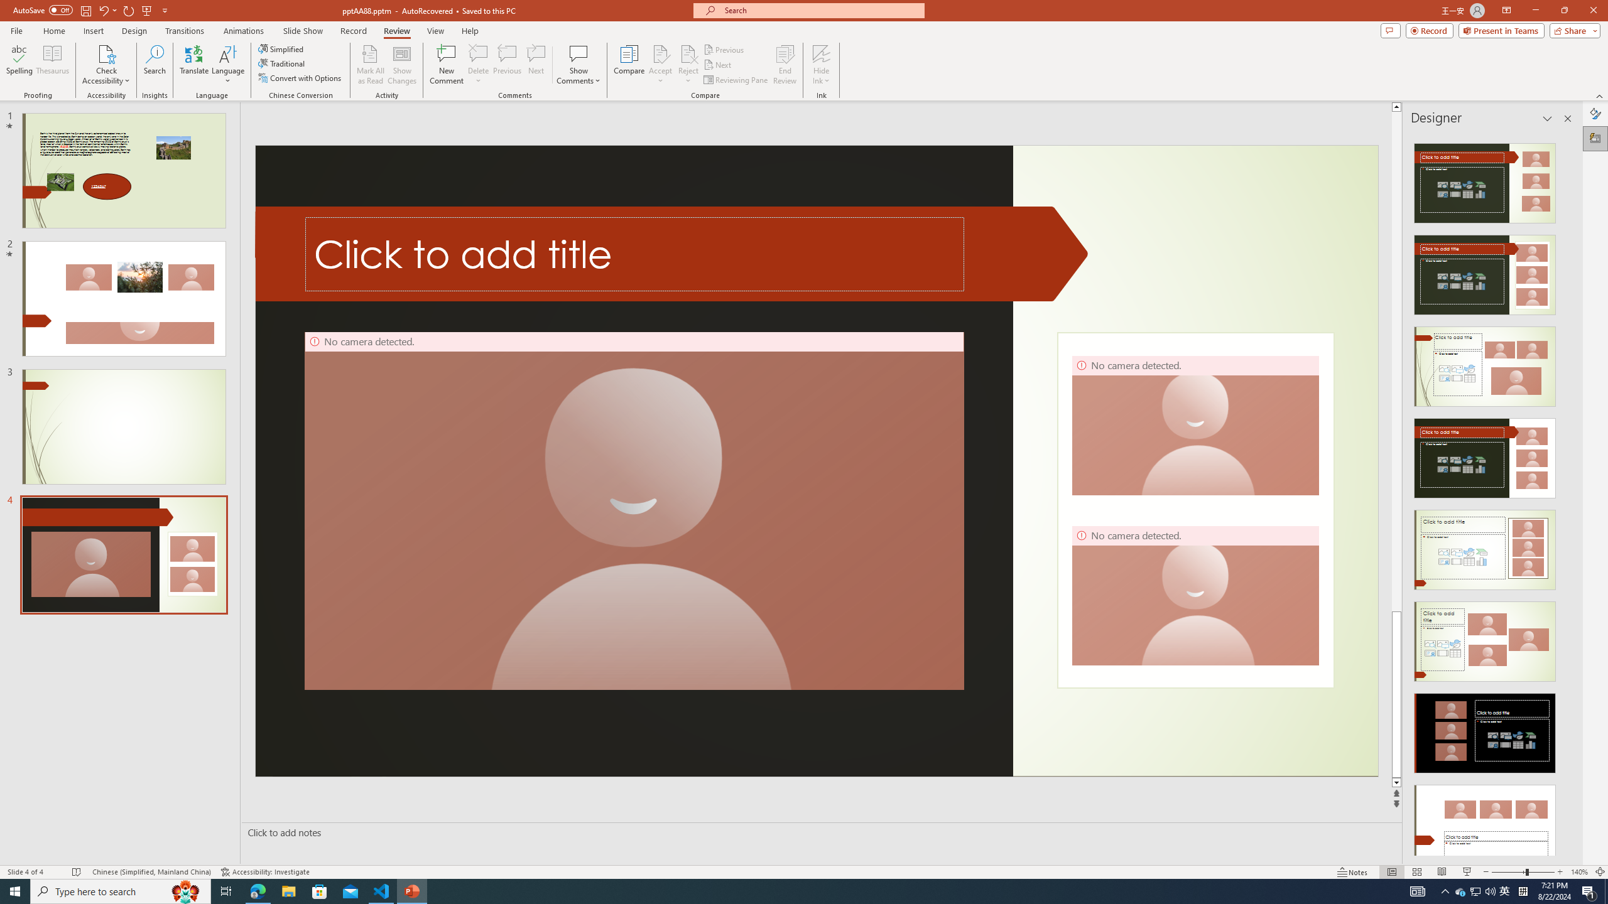 This screenshot has width=1608, height=904. What do you see at coordinates (227, 65) in the screenshot?
I see `'Language'` at bounding box center [227, 65].